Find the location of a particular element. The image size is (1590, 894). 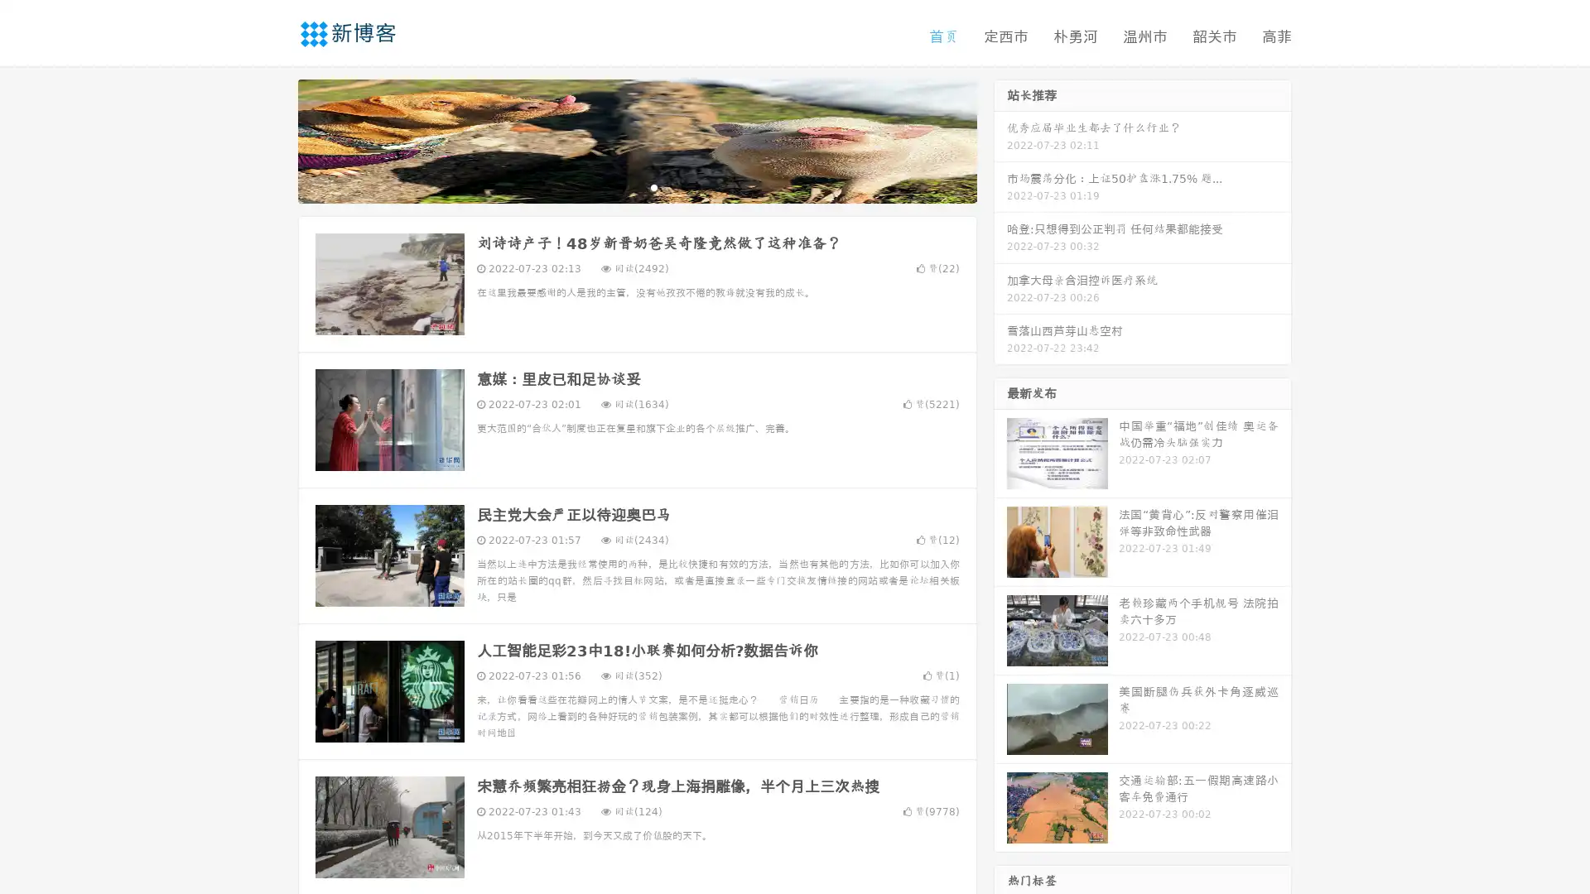

Go to slide 3 is located at coordinates (653, 186).